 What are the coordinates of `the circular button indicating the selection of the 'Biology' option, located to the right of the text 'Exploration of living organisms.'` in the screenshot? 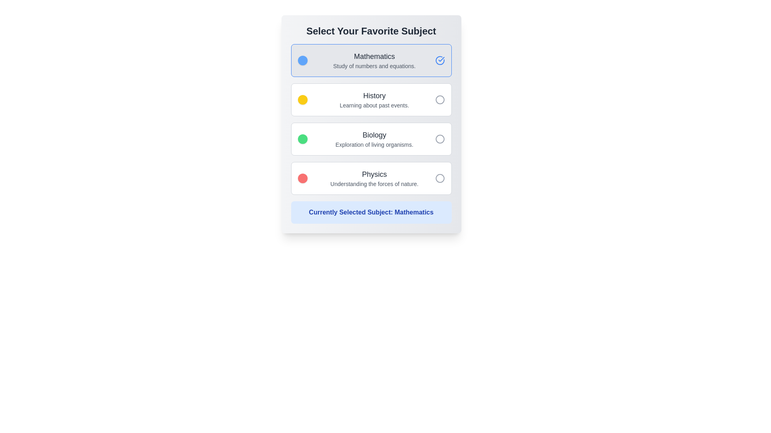 It's located at (439, 139).